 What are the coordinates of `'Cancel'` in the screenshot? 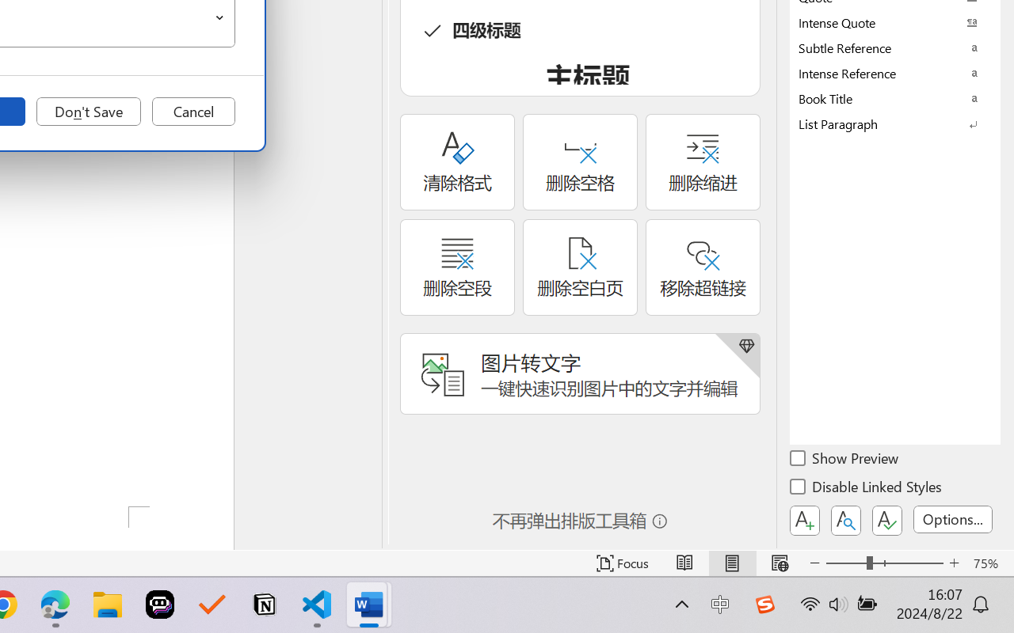 It's located at (193, 112).